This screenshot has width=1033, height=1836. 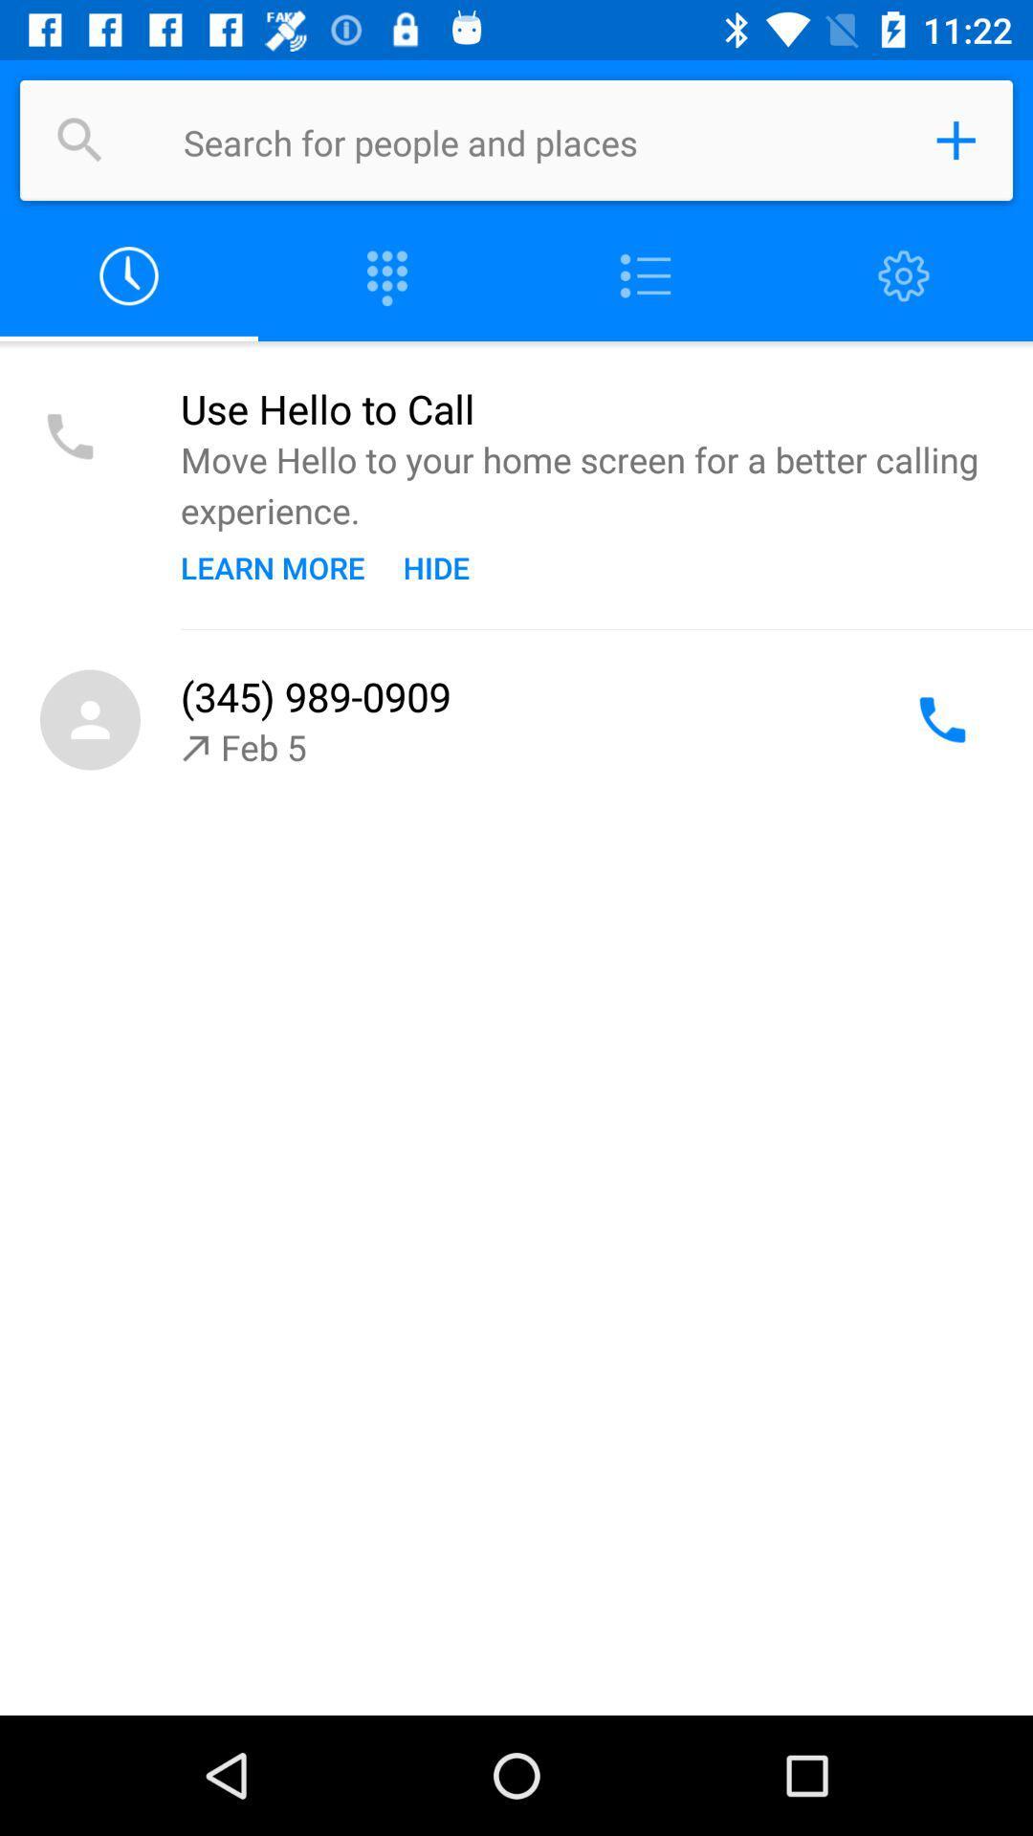 What do you see at coordinates (79, 140) in the screenshot?
I see `the search icon` at bounding box center [79, 140].